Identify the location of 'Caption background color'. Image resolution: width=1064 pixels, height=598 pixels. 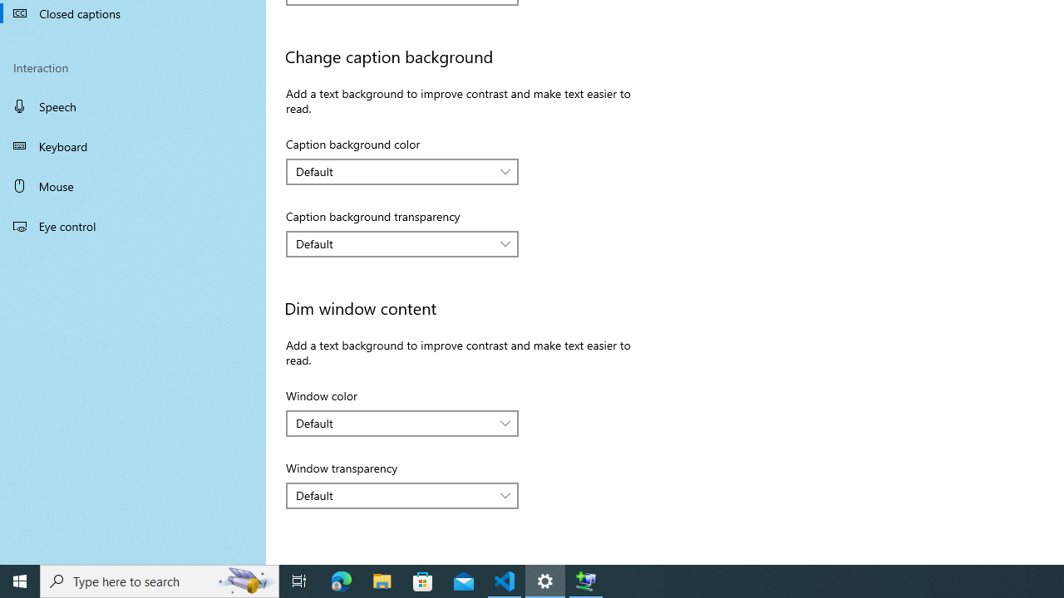
(402, 171).